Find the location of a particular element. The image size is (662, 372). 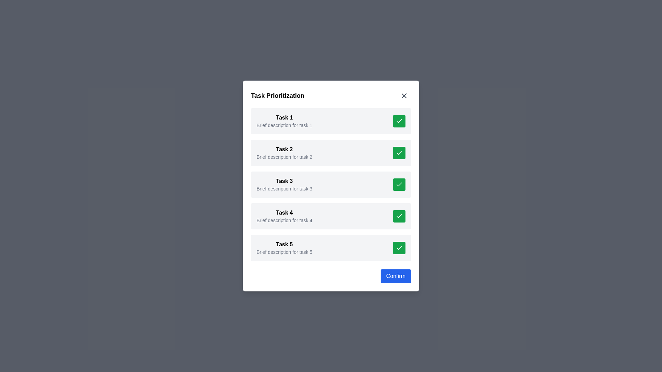

the supporting description text label located below 'Task 5', which is the last task entry in the task list on the modal is located at coordinates (284, 252).